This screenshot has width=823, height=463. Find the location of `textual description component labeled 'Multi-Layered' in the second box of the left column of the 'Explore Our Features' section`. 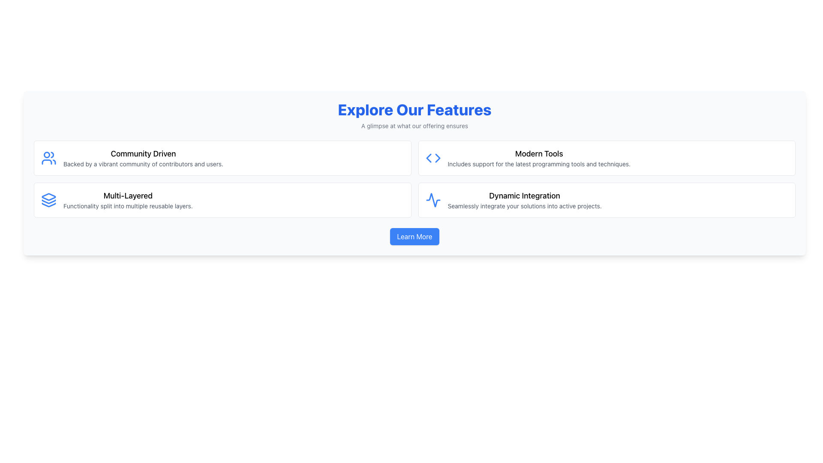

textual description component labeled 'Multi-Layered' in the second box of the left column of the 'Explore Our Features' section is located at coordinates (127, 200).